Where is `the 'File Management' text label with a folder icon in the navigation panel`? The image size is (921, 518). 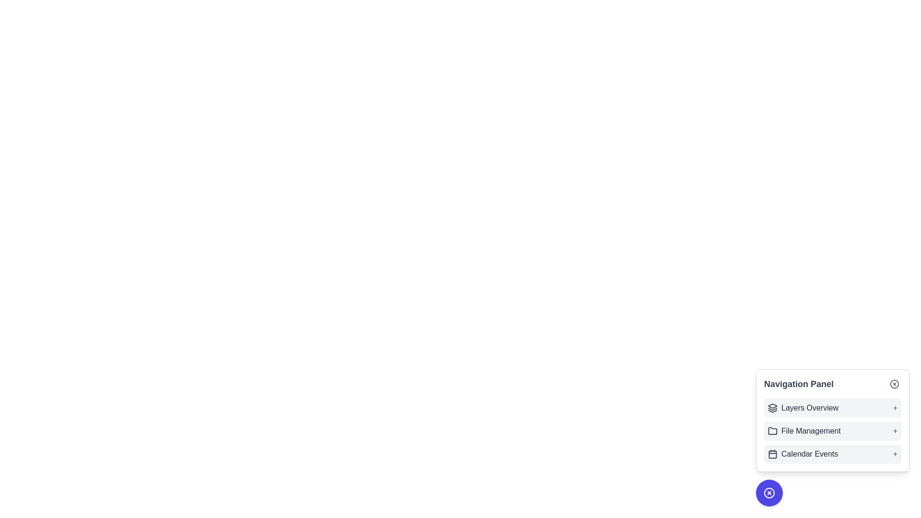
the 'File Management' text label with a folder icon in the navigation panel is located at coordinates (804, 430).